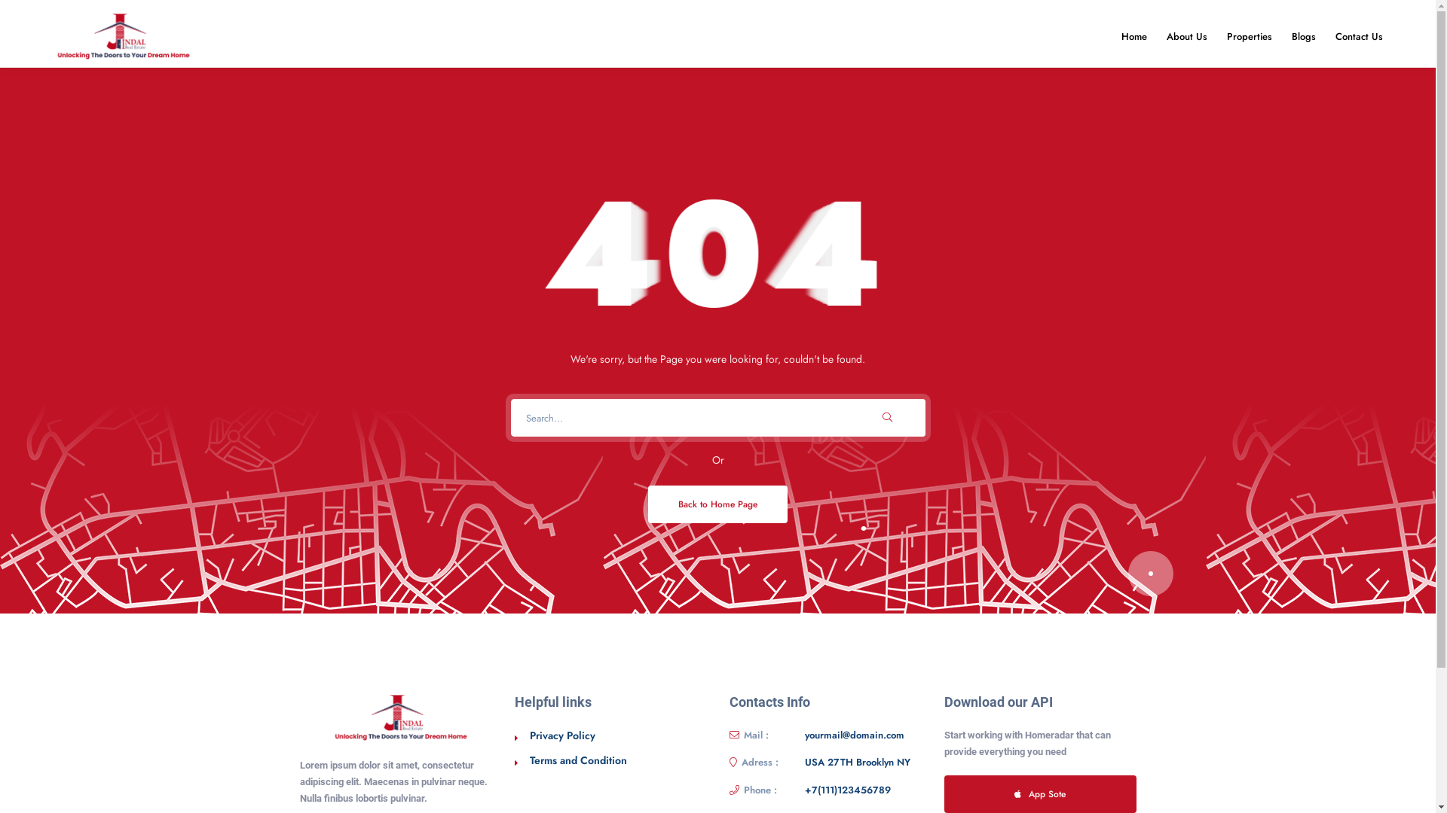 The image size is (1447, 813). I want to click on 'Terms and Condition', so click(577, 760).